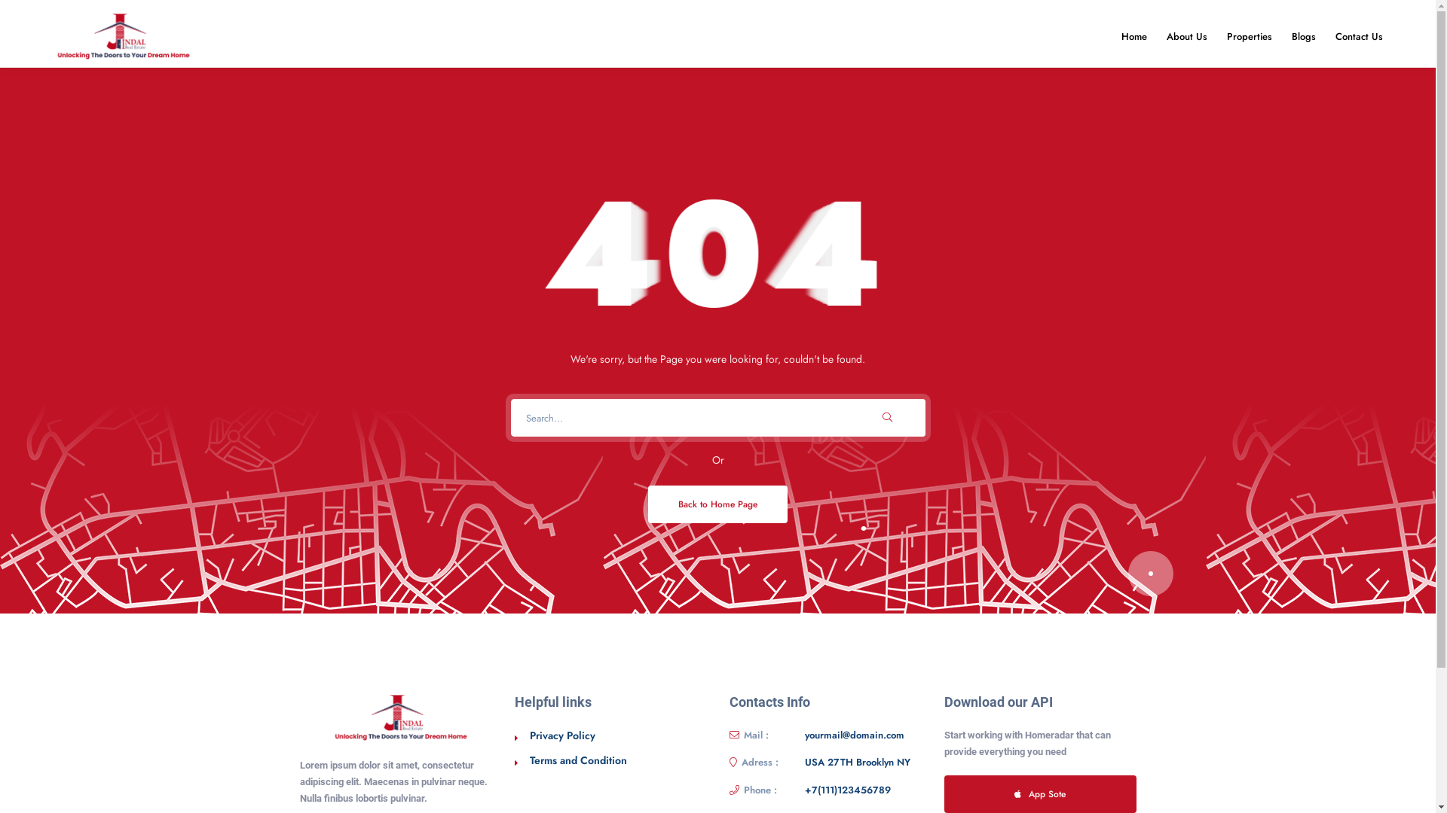 The image size is (1447, 813). I want to click on 'Terms and Condition', so click(577, 760).